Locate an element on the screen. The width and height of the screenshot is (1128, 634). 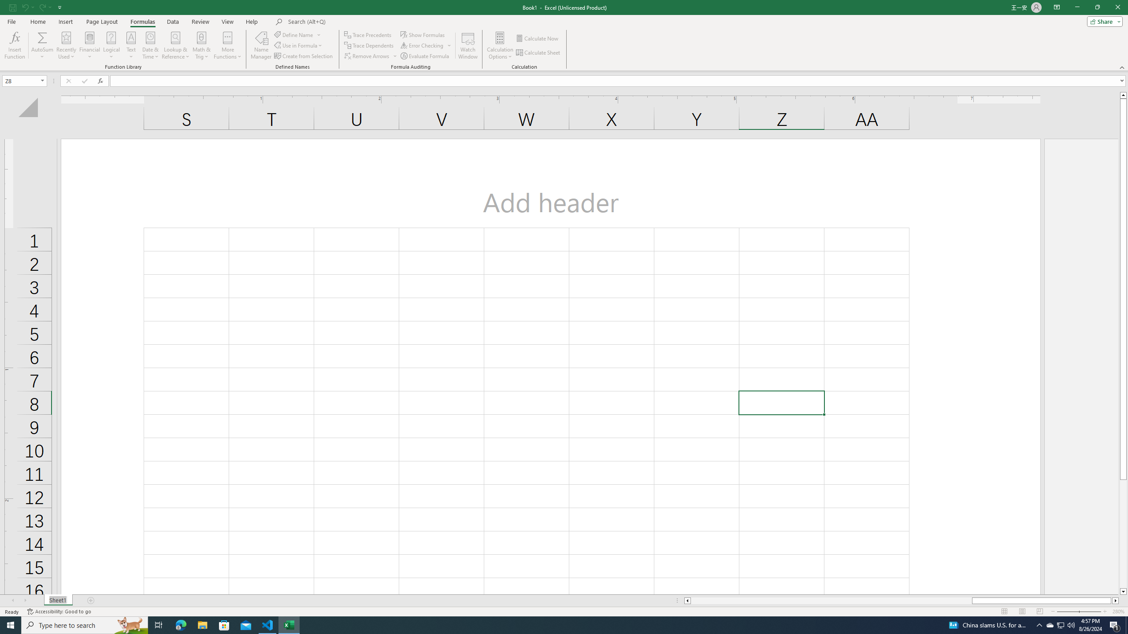
'Define Name' is located at coordinates (297, 34).